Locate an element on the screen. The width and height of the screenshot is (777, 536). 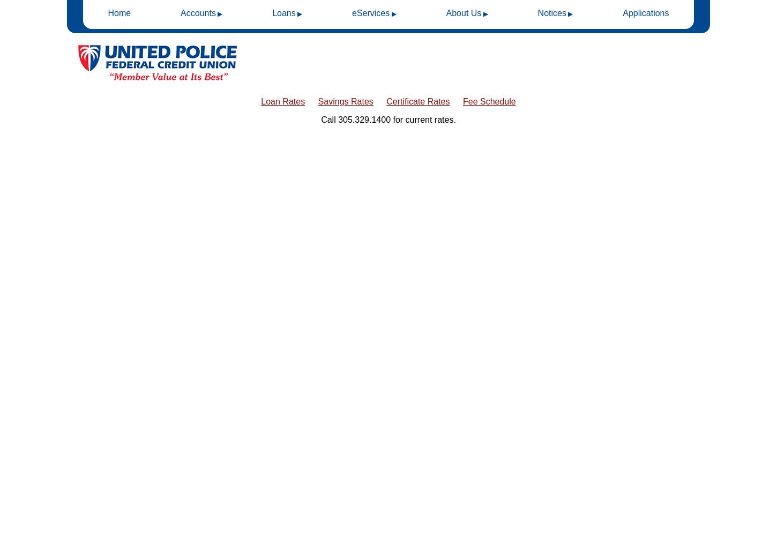
'Certificate Rates' is located at coordinates (417, 101).